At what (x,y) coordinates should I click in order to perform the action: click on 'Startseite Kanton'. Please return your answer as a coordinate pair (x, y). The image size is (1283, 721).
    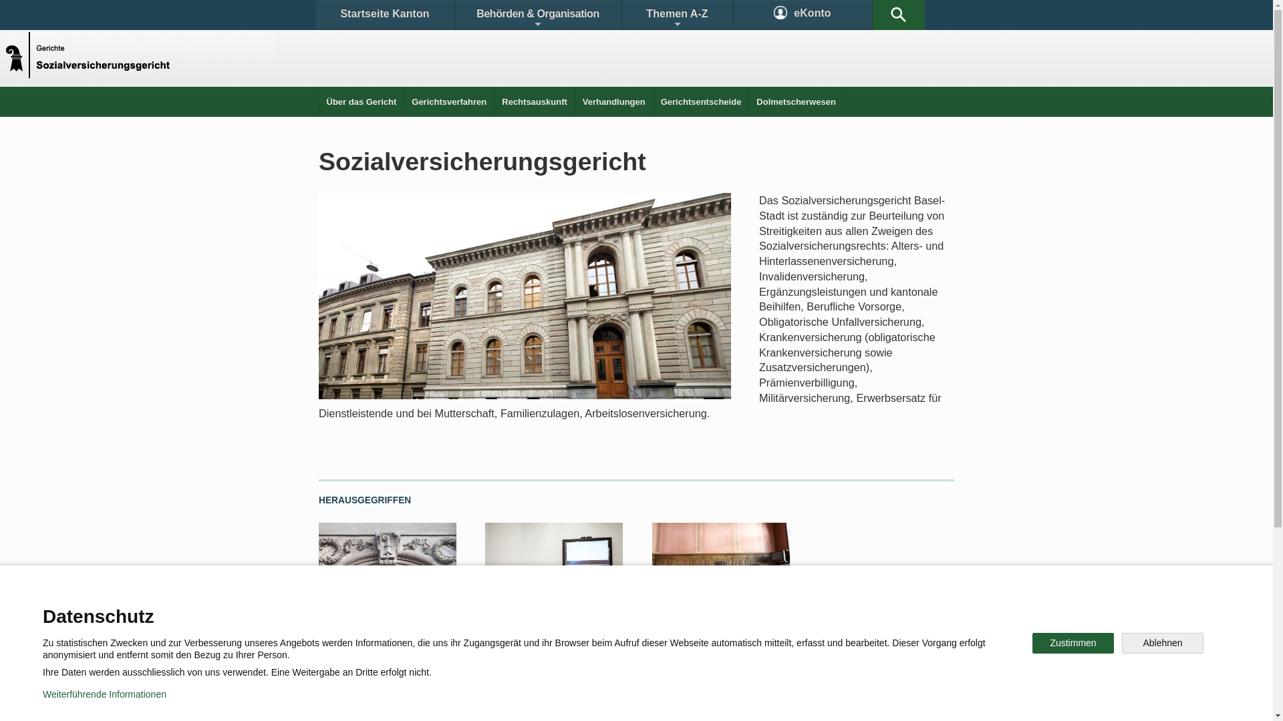
    Looking at the image, I should click on (384, 15).